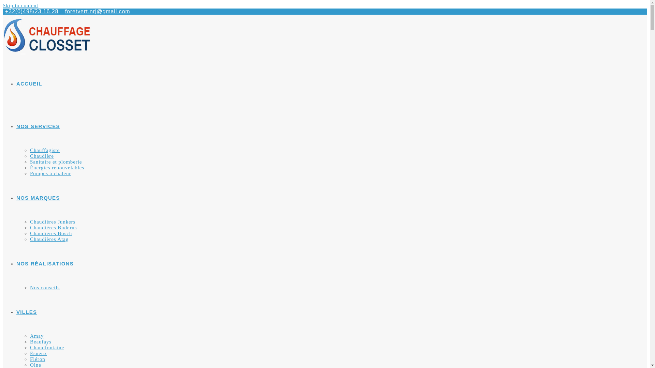 The image size is (655, 368). Describe the element at coordinates (26, 312) in the screenshot. I see `'VILLES'` at that location.